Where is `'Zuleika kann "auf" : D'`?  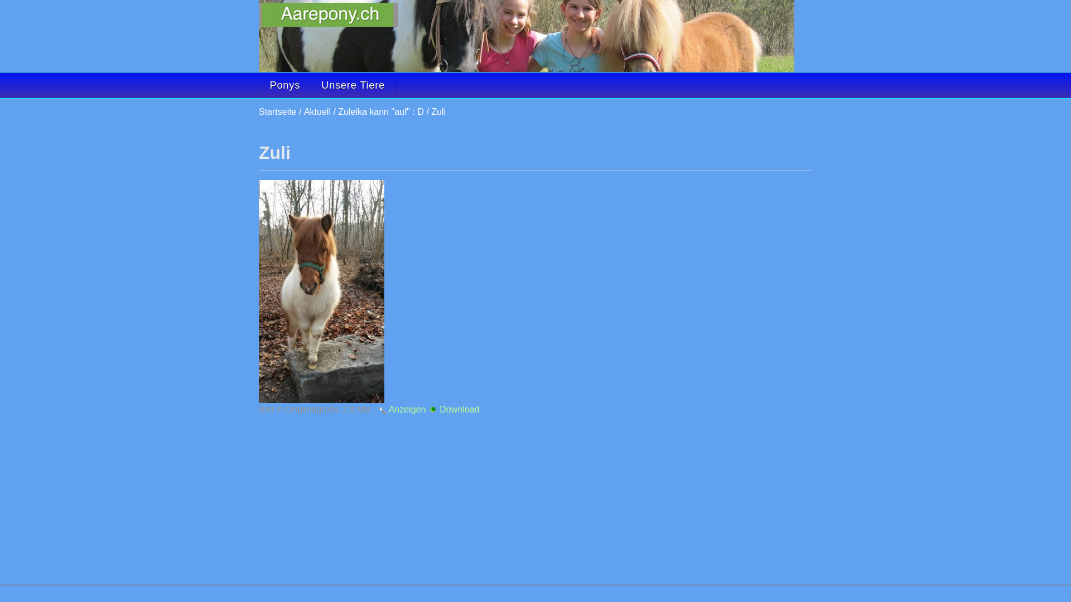 'Zuleika kann "auf" : D' is located at coordinates (380, 111).